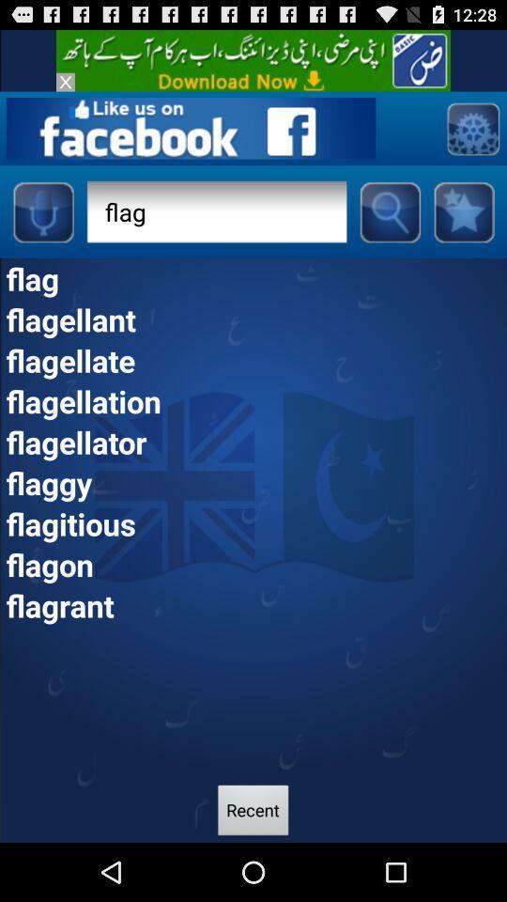  I want to click on settings, so click(471, 127).